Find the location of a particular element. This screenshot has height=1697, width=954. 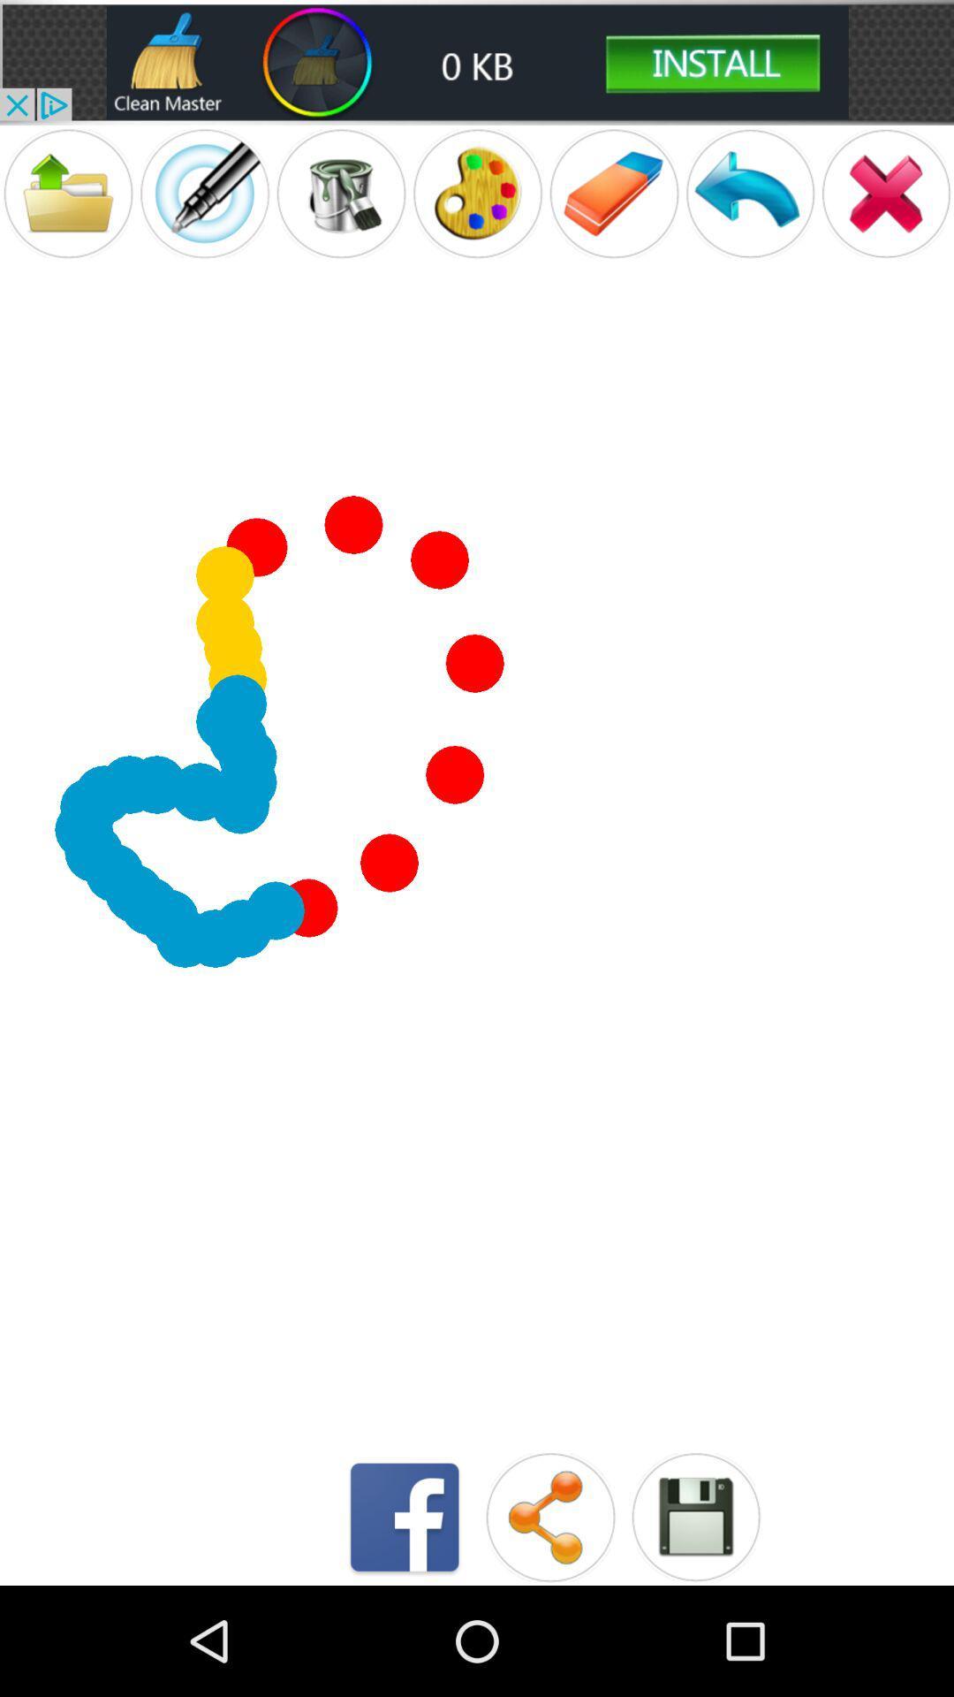

the undo icon is located at coordinates (750, 207).